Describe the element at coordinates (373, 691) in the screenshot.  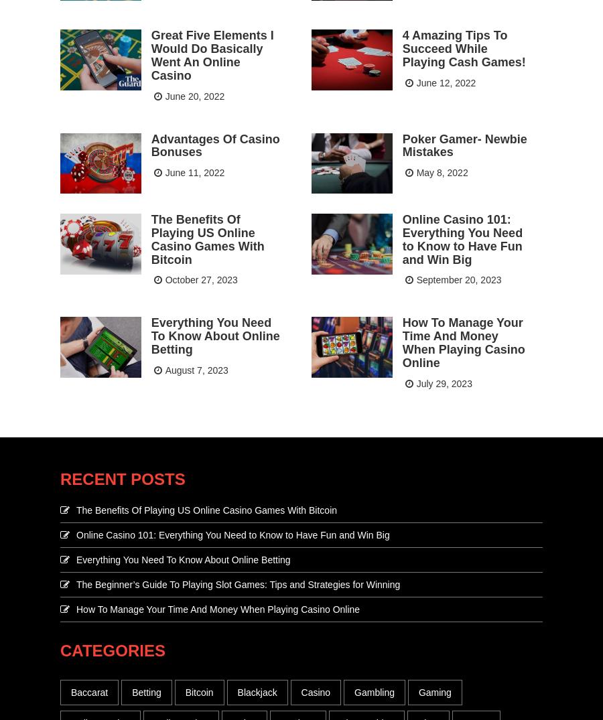
I see `'Gambling'` at that location.